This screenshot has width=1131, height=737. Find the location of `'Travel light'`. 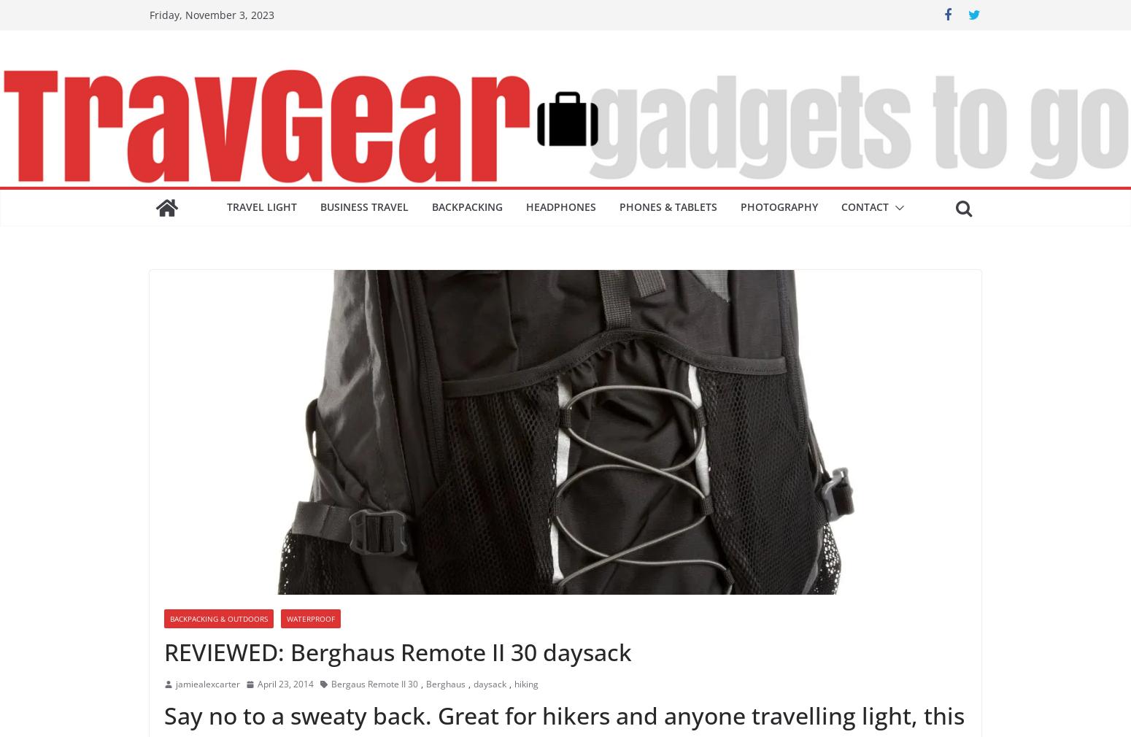

'Travel light' is located at coordinates (260, 207).